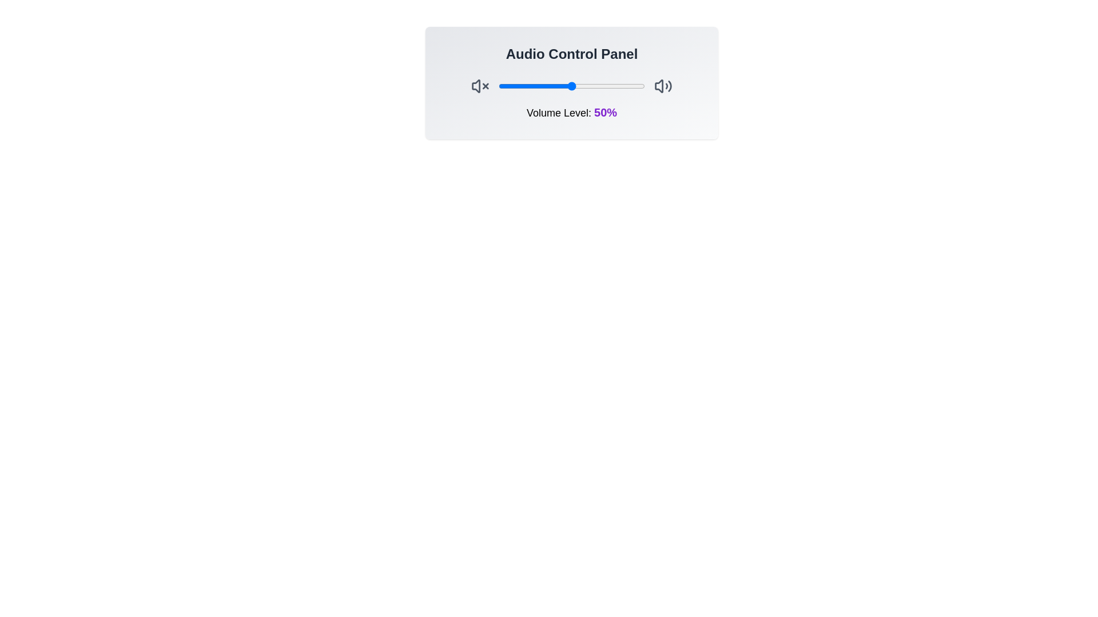 Image resolution: width=1098 pixels, height=617 pixels. What do you see at coordinates (571, 82) in the screenshot?
I see `the title of the audio control panel that allows users to adjust the volume level and provides visual feedback of the current volume status` at bounding box center [571, 82].